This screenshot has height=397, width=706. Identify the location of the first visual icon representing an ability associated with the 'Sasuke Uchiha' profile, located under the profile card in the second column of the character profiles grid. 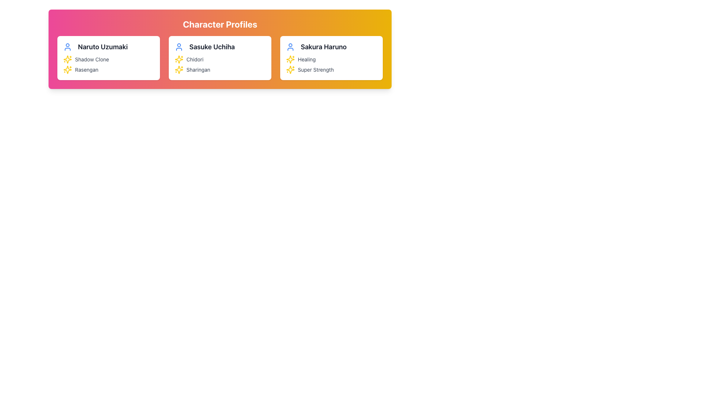
(179, 69).